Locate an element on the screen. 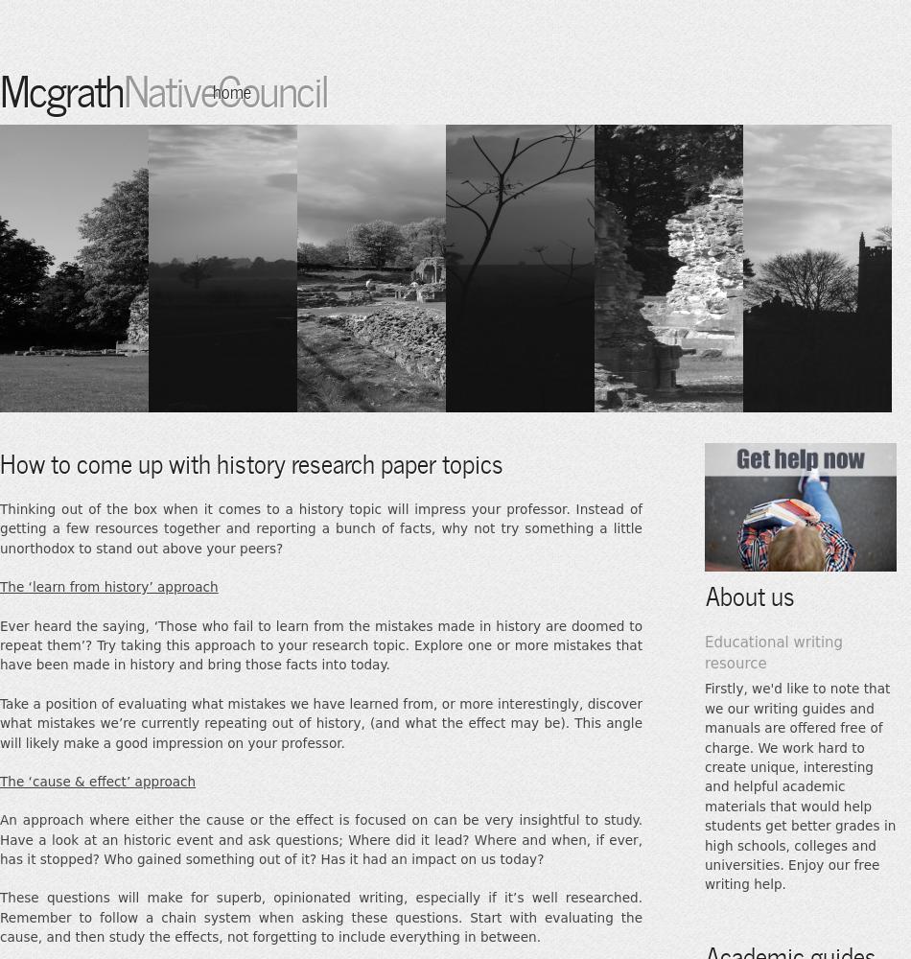 Image resolution: width=911 pixels, height=959 pixels. 'The ‘learn from history’ approach' is located at coordinates (108, 586).